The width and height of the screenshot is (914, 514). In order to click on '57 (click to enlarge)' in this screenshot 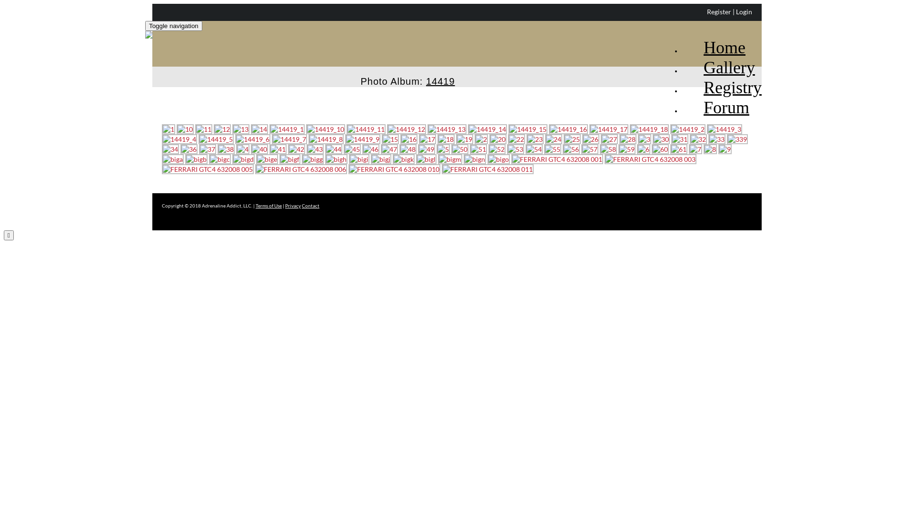, I will do `click(589, 149)`.